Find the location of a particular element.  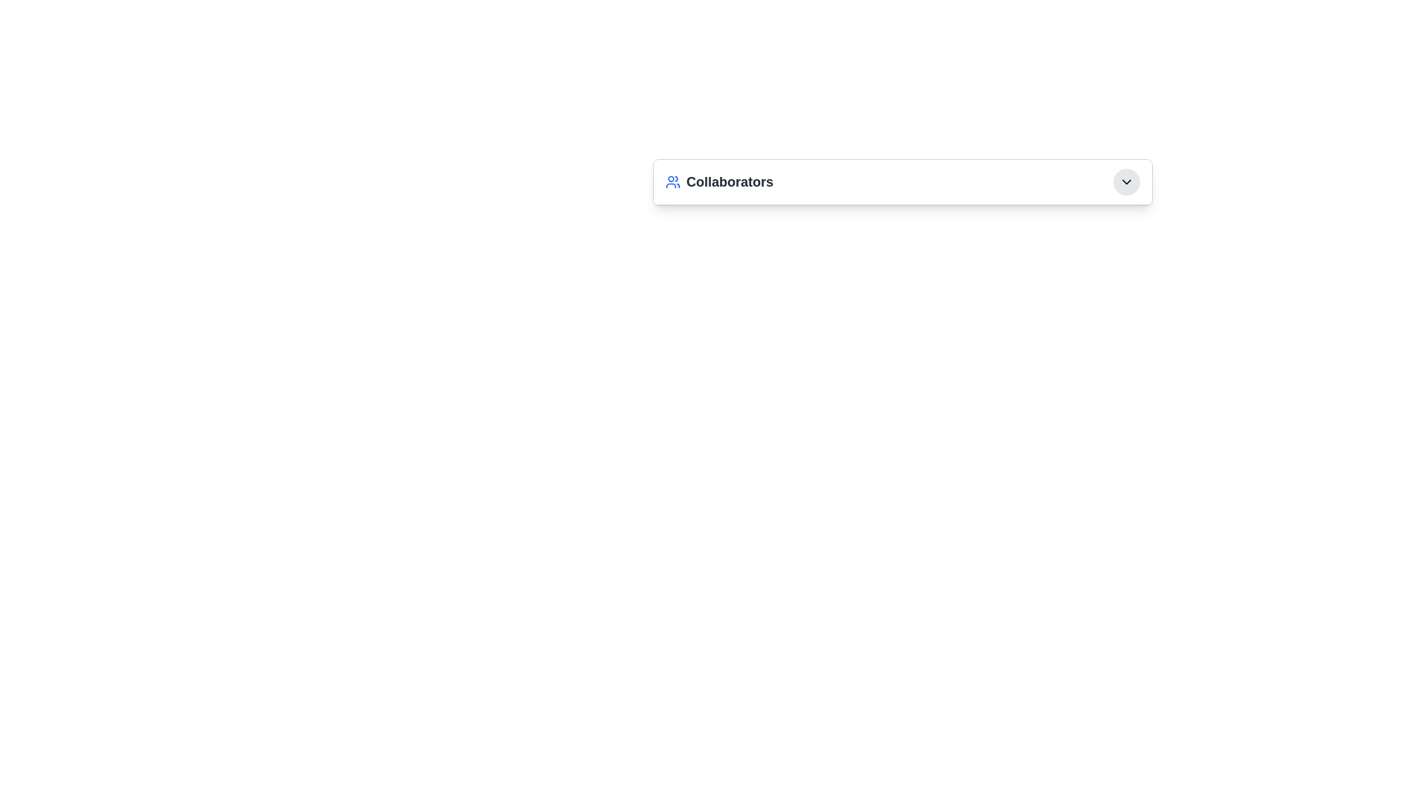

the icon representing 'Collaborators' located at the leftmost side of the horizontal group containing the label 'Collaborators' is located at coordinates (672, 181).